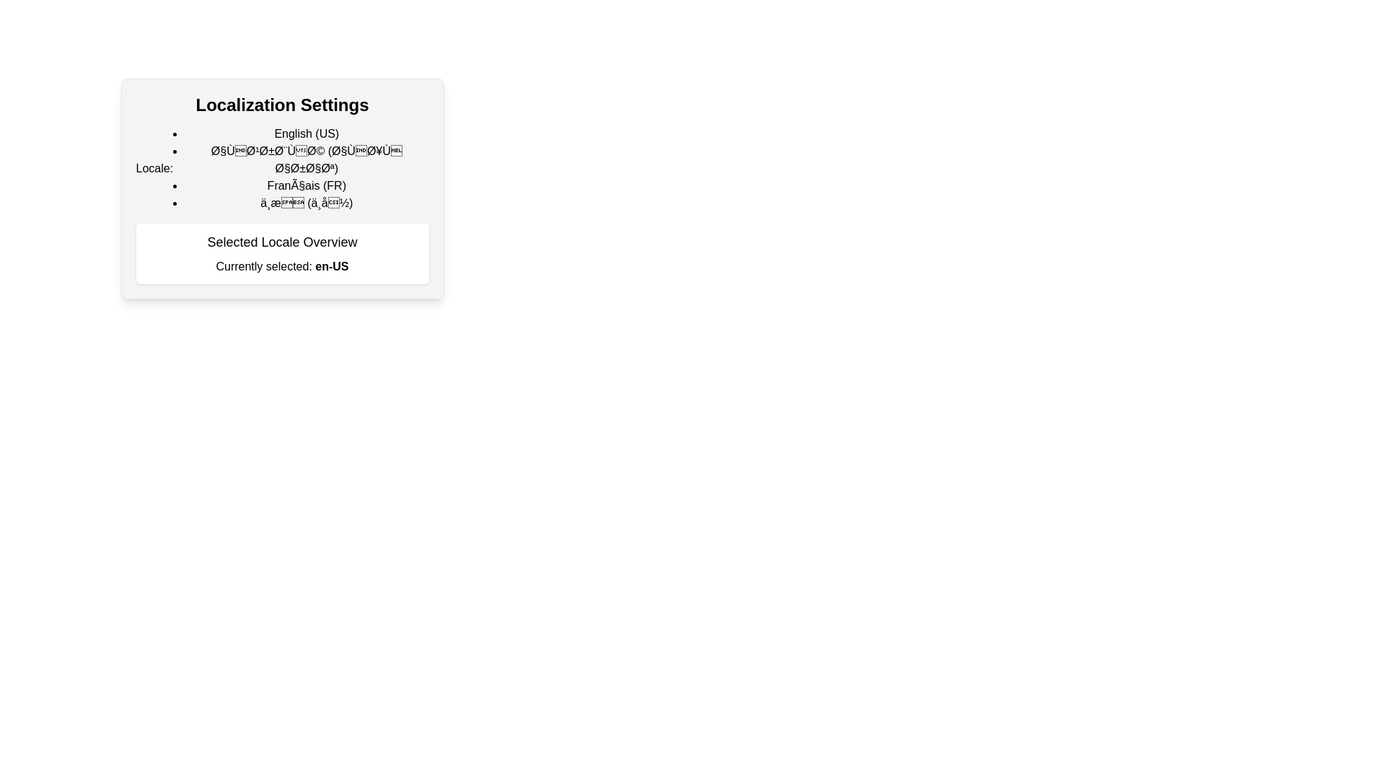 Image resolution: width=1385 pixels, height=779 pixels. What do you see at coordinates (306, 133) in the screenshot?
I see `the 'English (US)' text element` at bounding box center [306, 133].